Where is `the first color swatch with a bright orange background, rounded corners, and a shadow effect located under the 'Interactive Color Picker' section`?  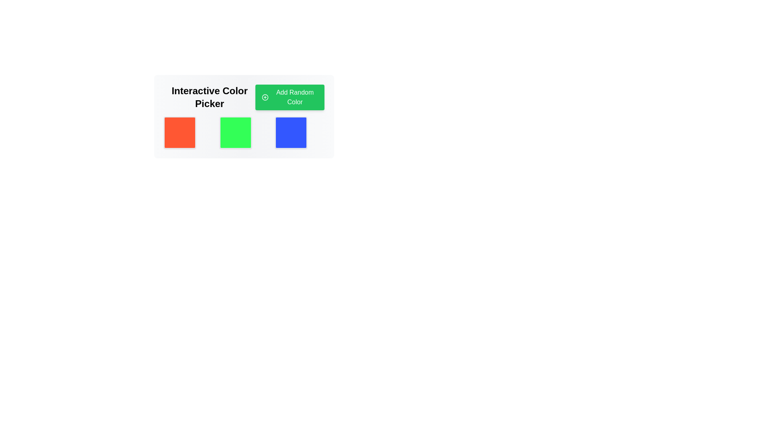 the first color swatch with a bright orange background, rounded corners, and a shadow effect located under the 'Interactive Color Picker' section is located at coordinates (179, 132).